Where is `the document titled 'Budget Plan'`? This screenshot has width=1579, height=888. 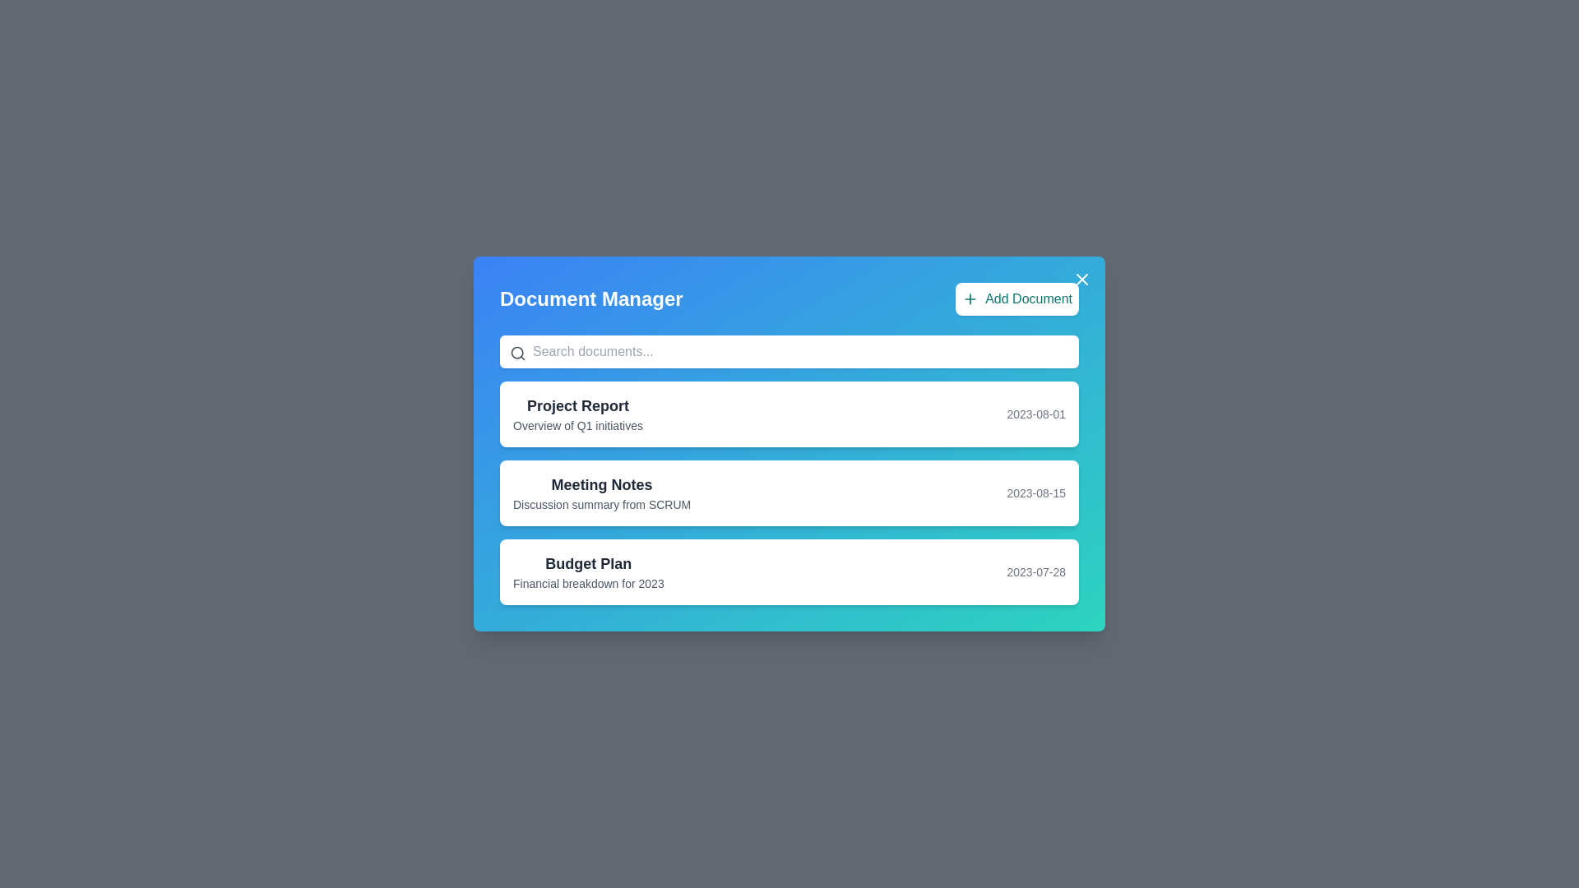 the document titled 'Budget Plan' is located at coordinates (789, 571).